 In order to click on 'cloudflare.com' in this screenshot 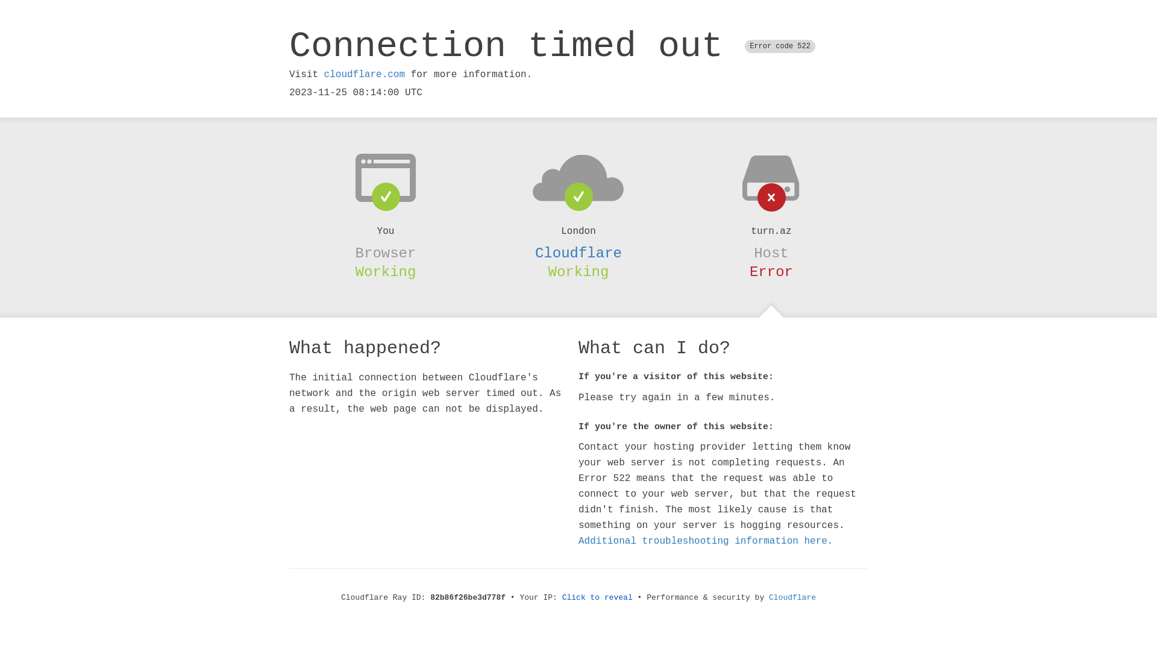, I will do `click(363, 74)`.